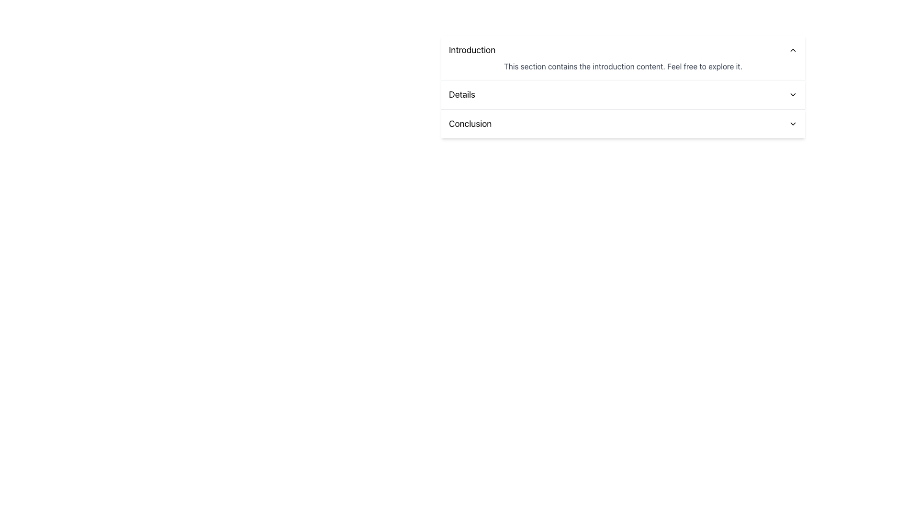 Image resolution: width=919 pixels, height=517 pixels. What do you see at coordinates (793, 123) in the screenshot?
I see `the Chevron Icon, which is a downward-pointing arrow located on the far right of the 'Conclusion' section, vertically aligned with the text` at bounding box center [793, 123].